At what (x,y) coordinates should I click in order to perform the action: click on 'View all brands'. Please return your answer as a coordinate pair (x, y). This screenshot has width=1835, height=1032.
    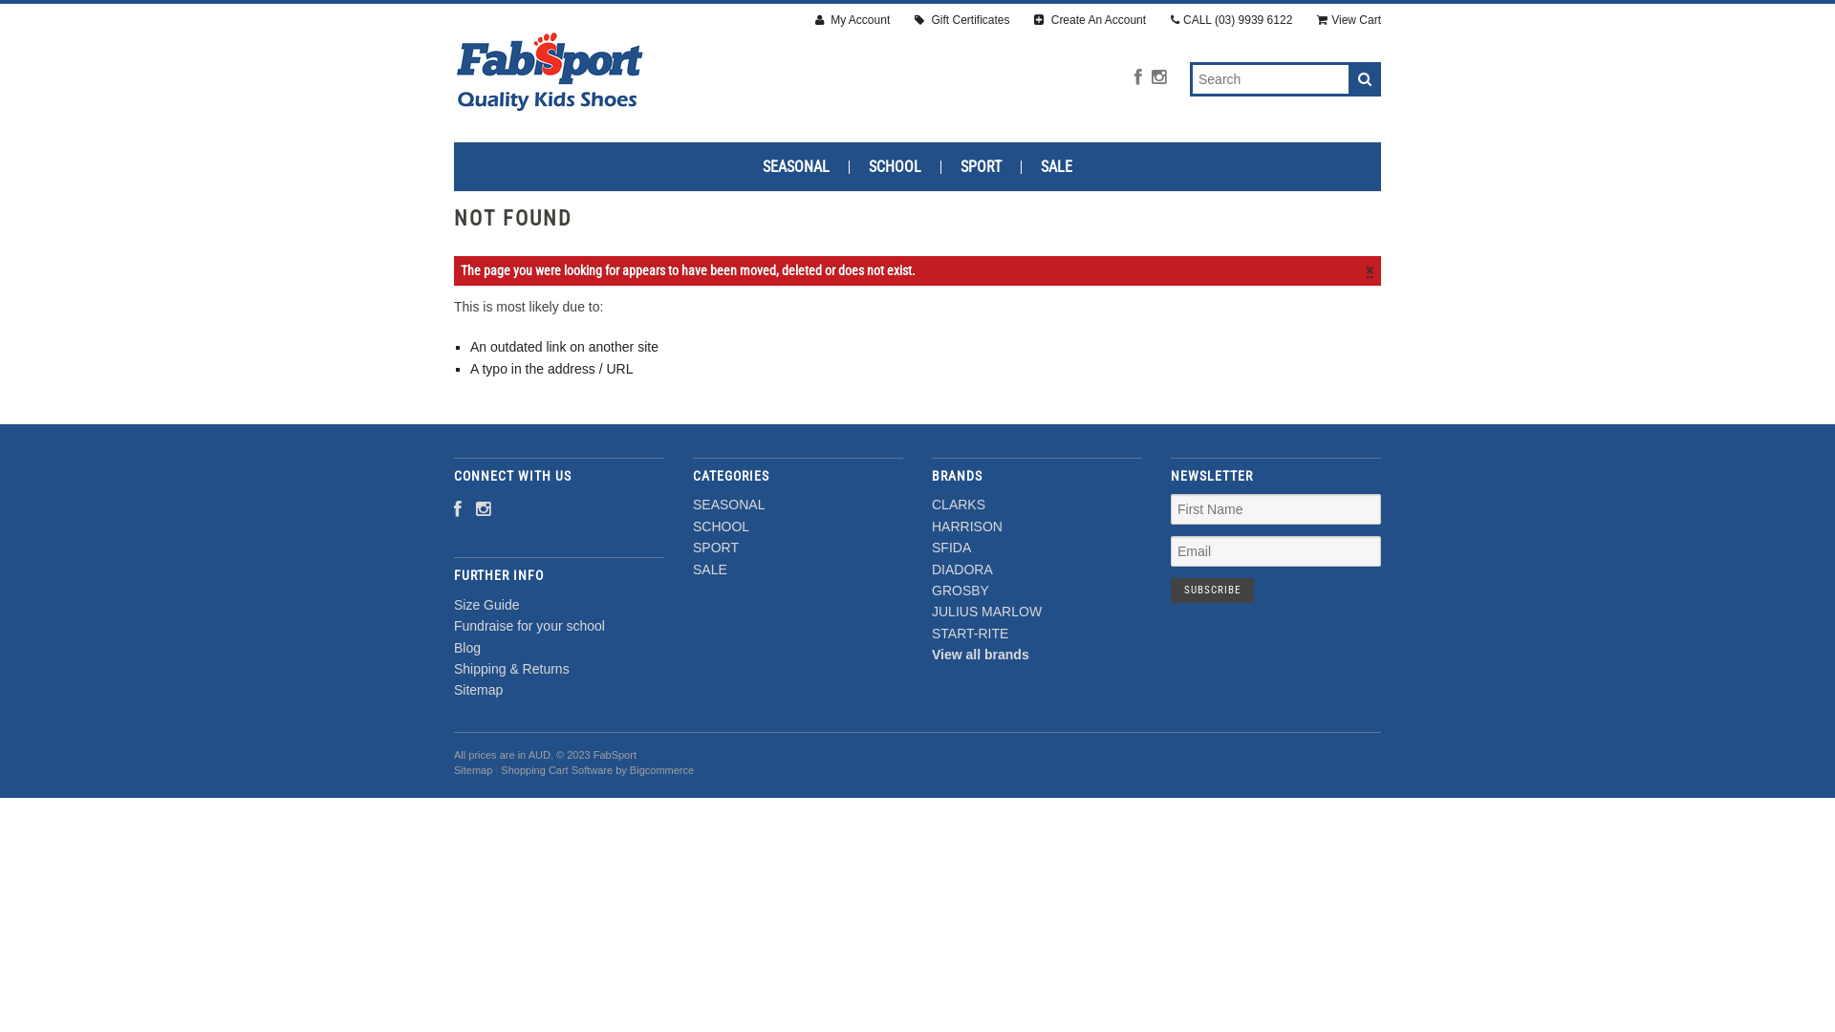
    Looking at the image, I should click on (931, 654).